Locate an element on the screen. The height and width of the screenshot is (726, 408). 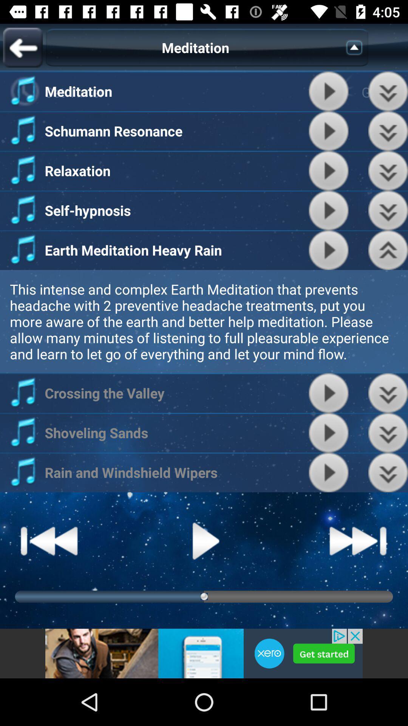
the play is located at coordinates (328, 250).